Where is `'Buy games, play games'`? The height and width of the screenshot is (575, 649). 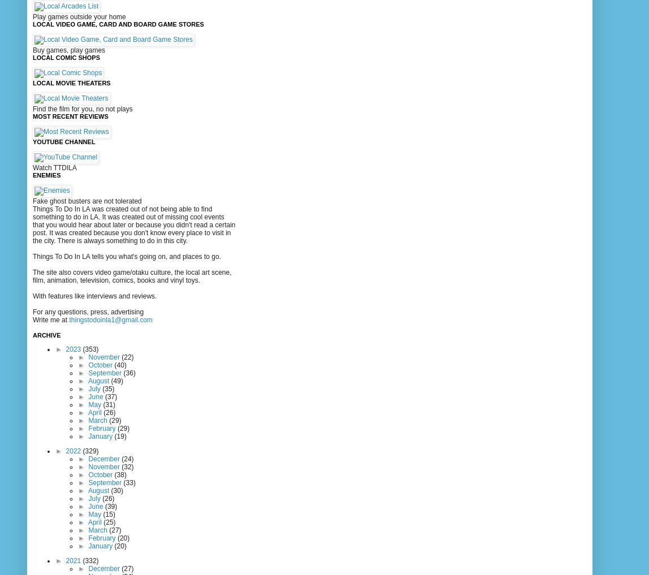 'Buy games, play games' is located at coordinates (69, 49).